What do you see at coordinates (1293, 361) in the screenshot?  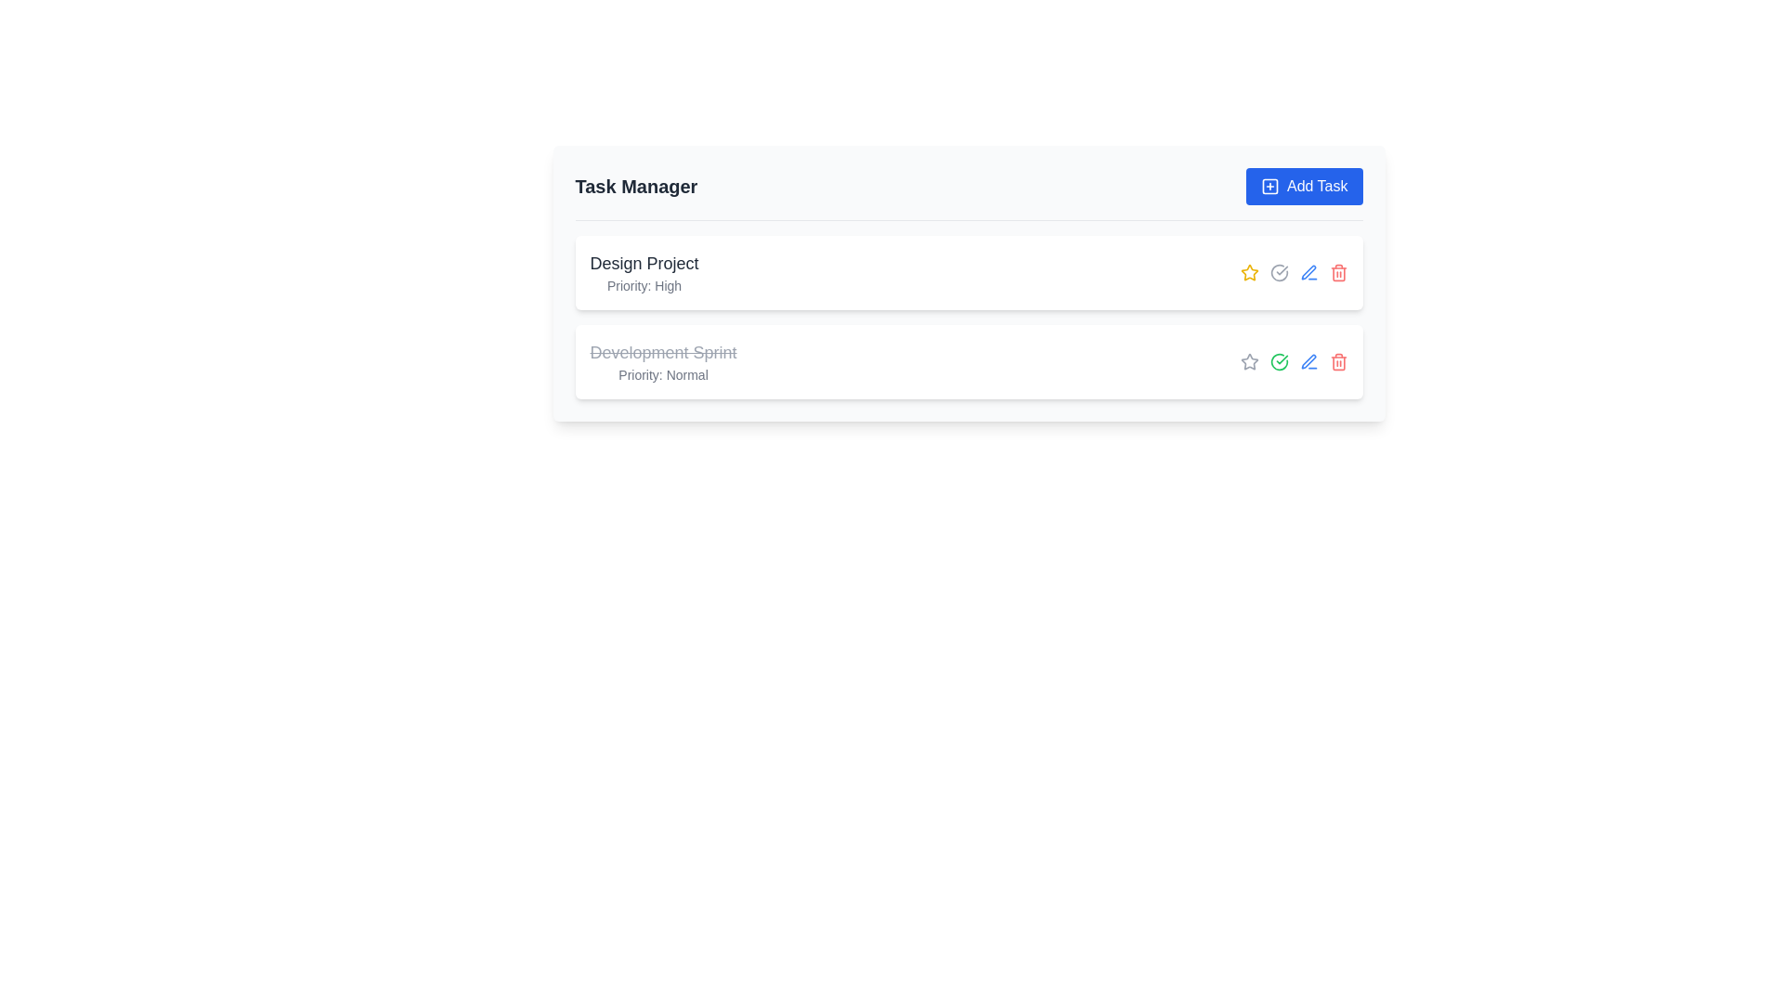 I see `the icon group of action buttons located at the bottom right edge of the card next to the text 'Priority: Normal'` at bounding box center [1293, 361].